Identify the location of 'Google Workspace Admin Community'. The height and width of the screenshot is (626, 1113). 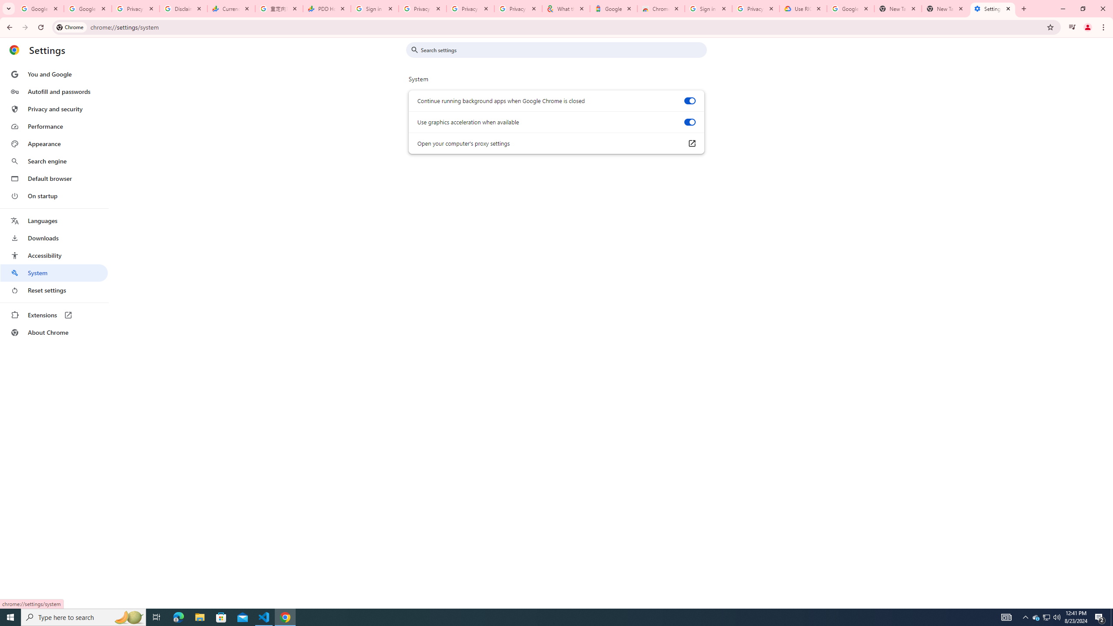
(40, 8).